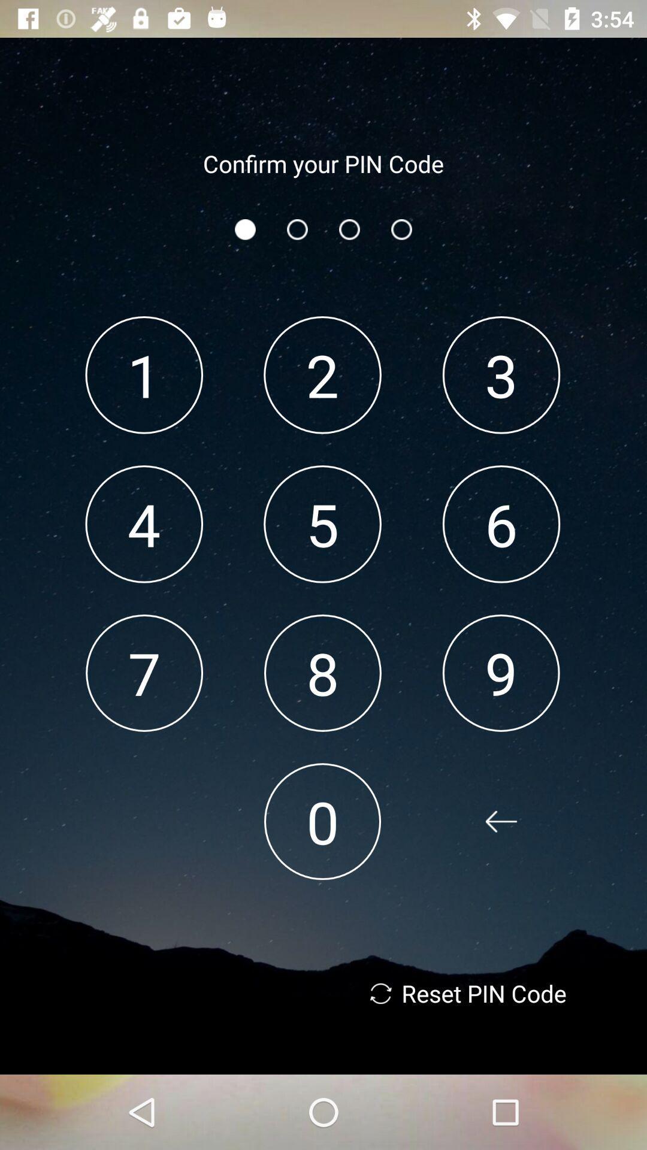 The height and width of the screenshot is (1150, 647). What do you see at coordinates (501, 374) in the screenshot?
I see `the 3 app` at bounding box center [501, 374].